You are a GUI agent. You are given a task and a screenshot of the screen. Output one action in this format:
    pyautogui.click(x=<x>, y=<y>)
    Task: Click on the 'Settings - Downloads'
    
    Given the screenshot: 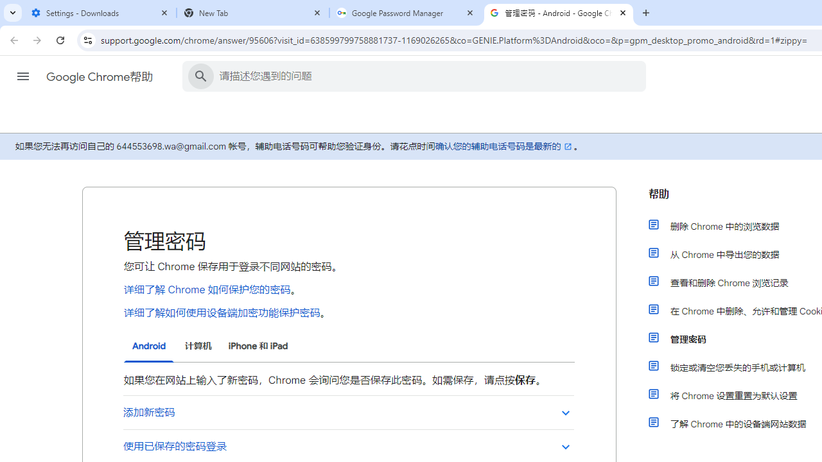 What is the action you would take?
    pyautogui.click(x=100, y=13)
    